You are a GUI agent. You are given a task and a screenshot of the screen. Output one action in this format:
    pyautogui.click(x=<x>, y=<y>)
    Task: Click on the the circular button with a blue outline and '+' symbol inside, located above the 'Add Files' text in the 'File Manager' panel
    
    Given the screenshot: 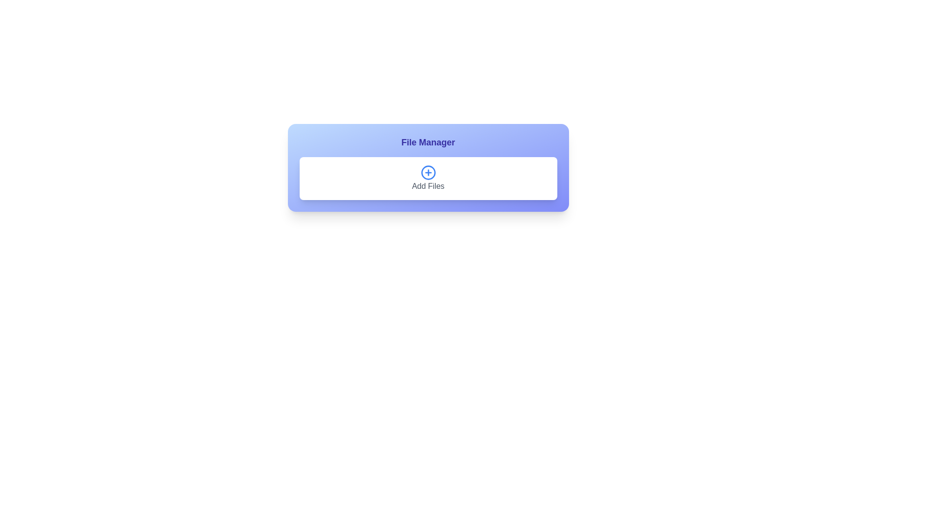 What is the action you would take?
    pyautogui.click(x=428, y=179)
    